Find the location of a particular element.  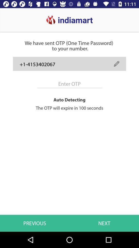

the icon to the right of the previous is located at coordinates (104, 223).